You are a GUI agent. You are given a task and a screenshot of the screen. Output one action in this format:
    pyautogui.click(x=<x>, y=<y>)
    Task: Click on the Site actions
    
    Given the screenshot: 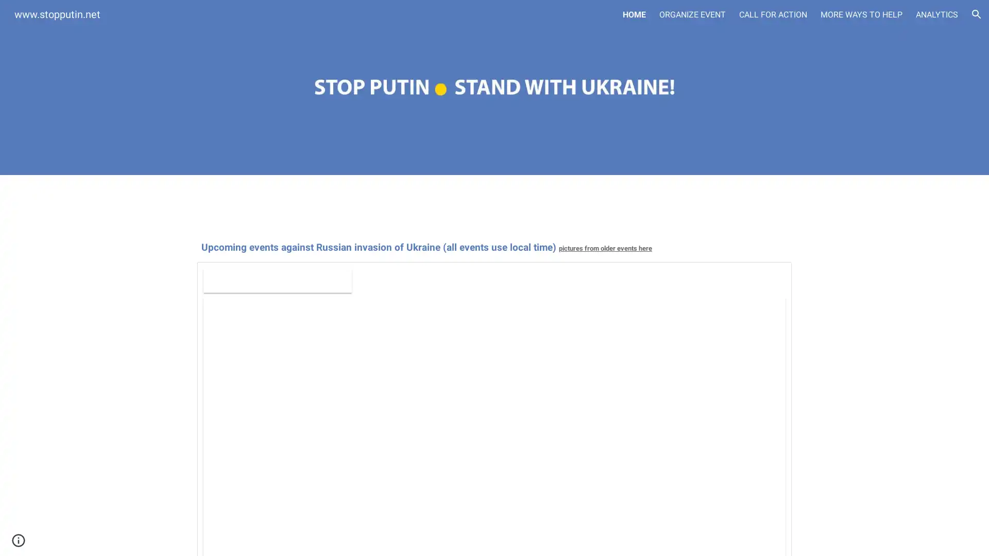 What is the action you would take?
    pyautogui.click(x=18, y=537)
    